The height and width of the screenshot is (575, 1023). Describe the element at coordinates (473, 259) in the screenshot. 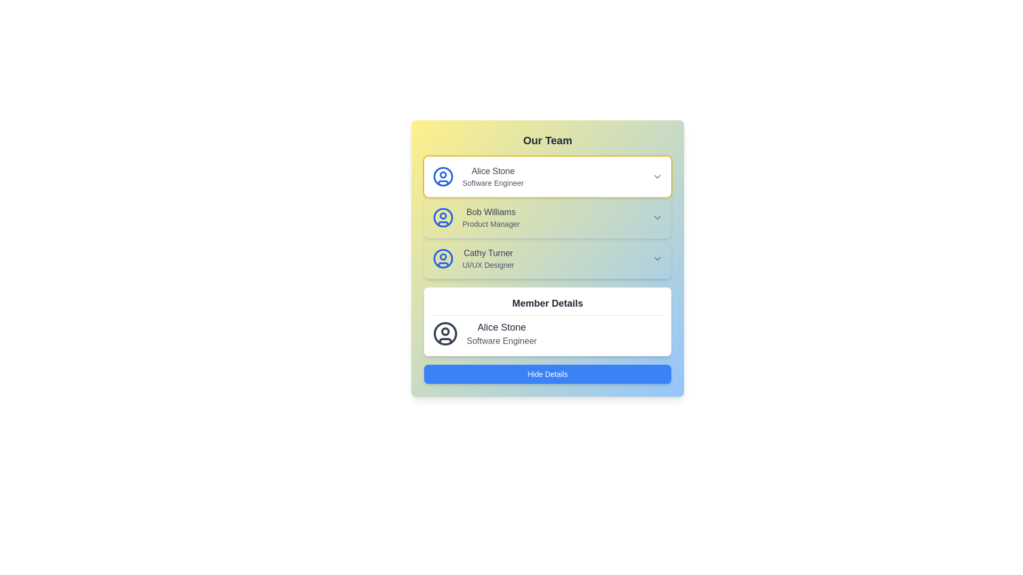

I see `the third Profile Card` at that location.